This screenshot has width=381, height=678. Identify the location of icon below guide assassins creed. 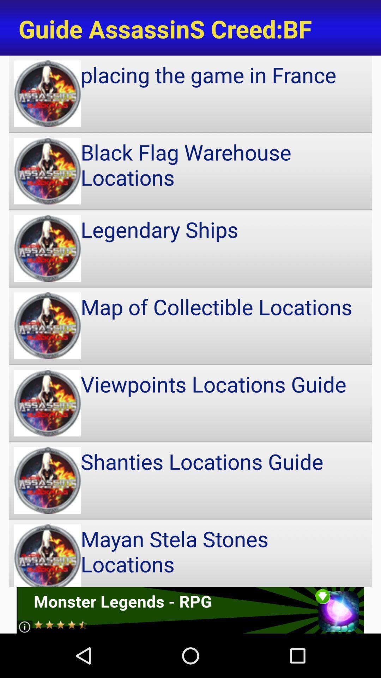
(190, 93).